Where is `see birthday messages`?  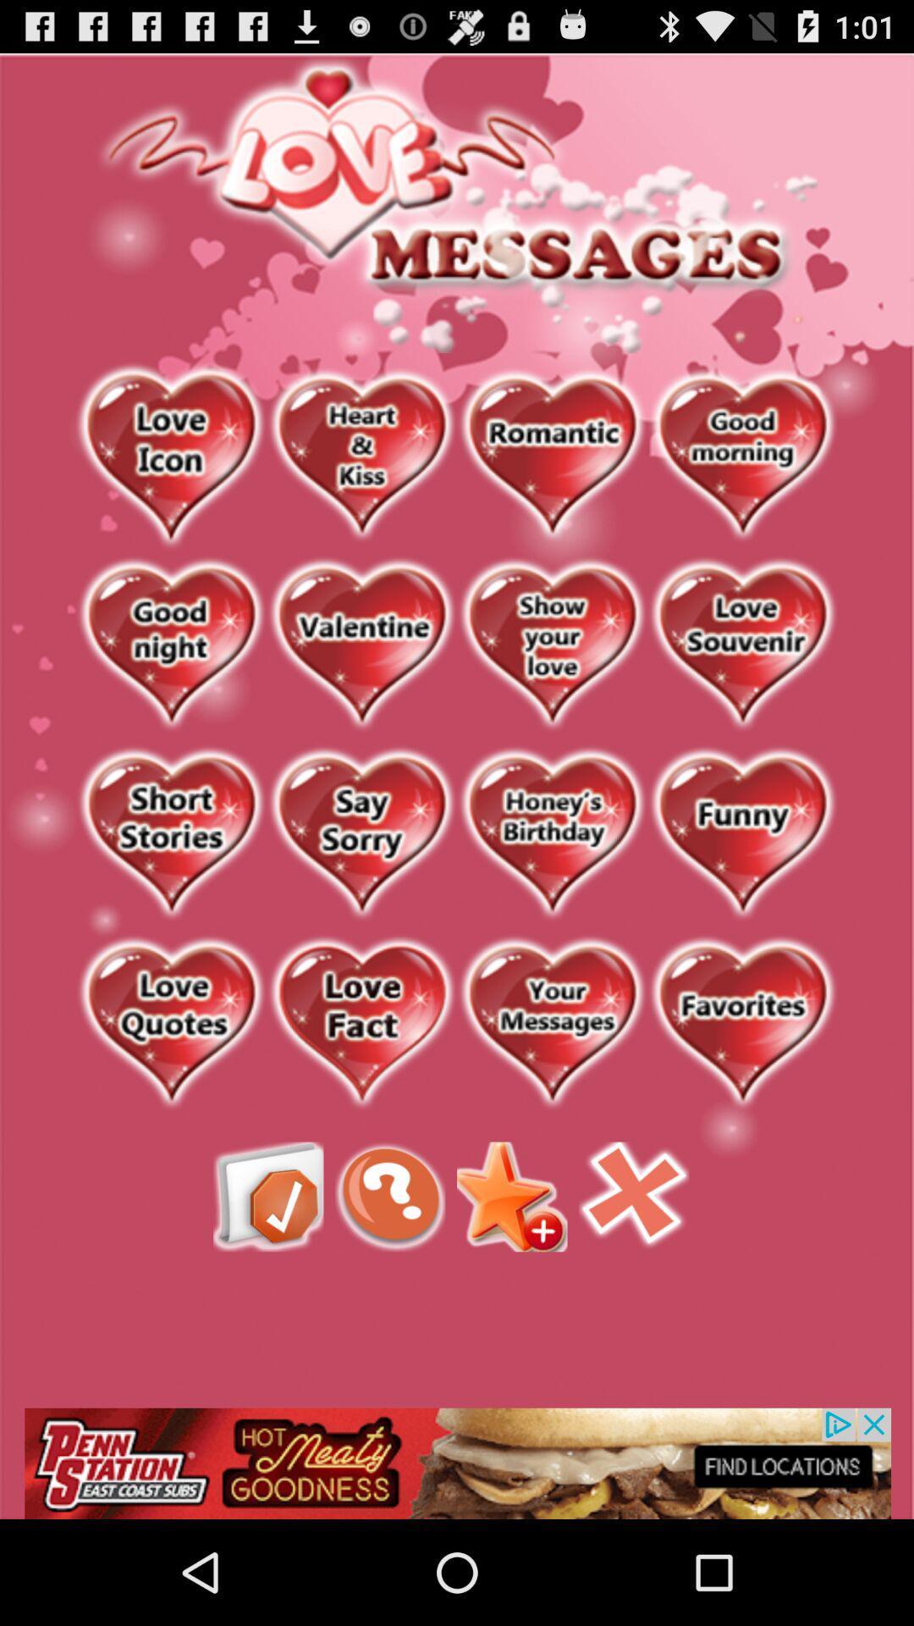
see birthday messages is located at coordinates (552, 835).